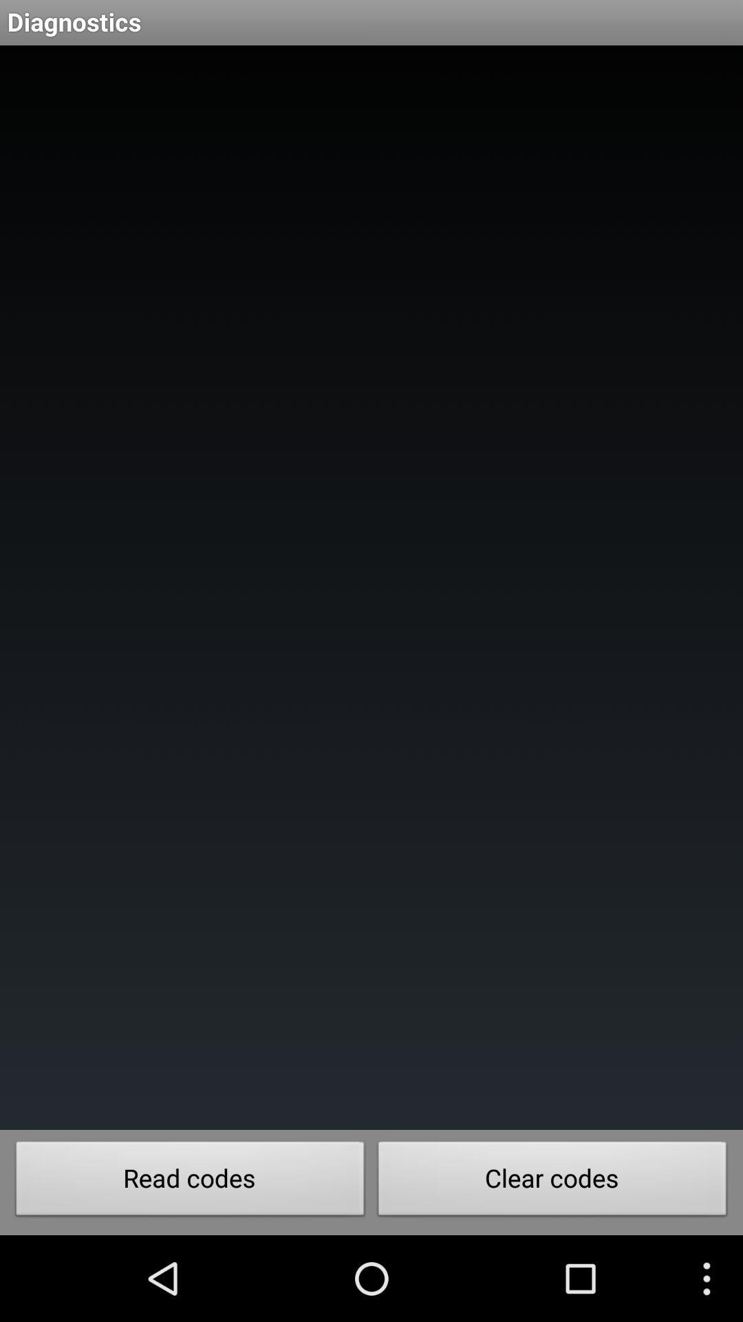  I want to click on the item below the diagnostics item, so click(371, 587).